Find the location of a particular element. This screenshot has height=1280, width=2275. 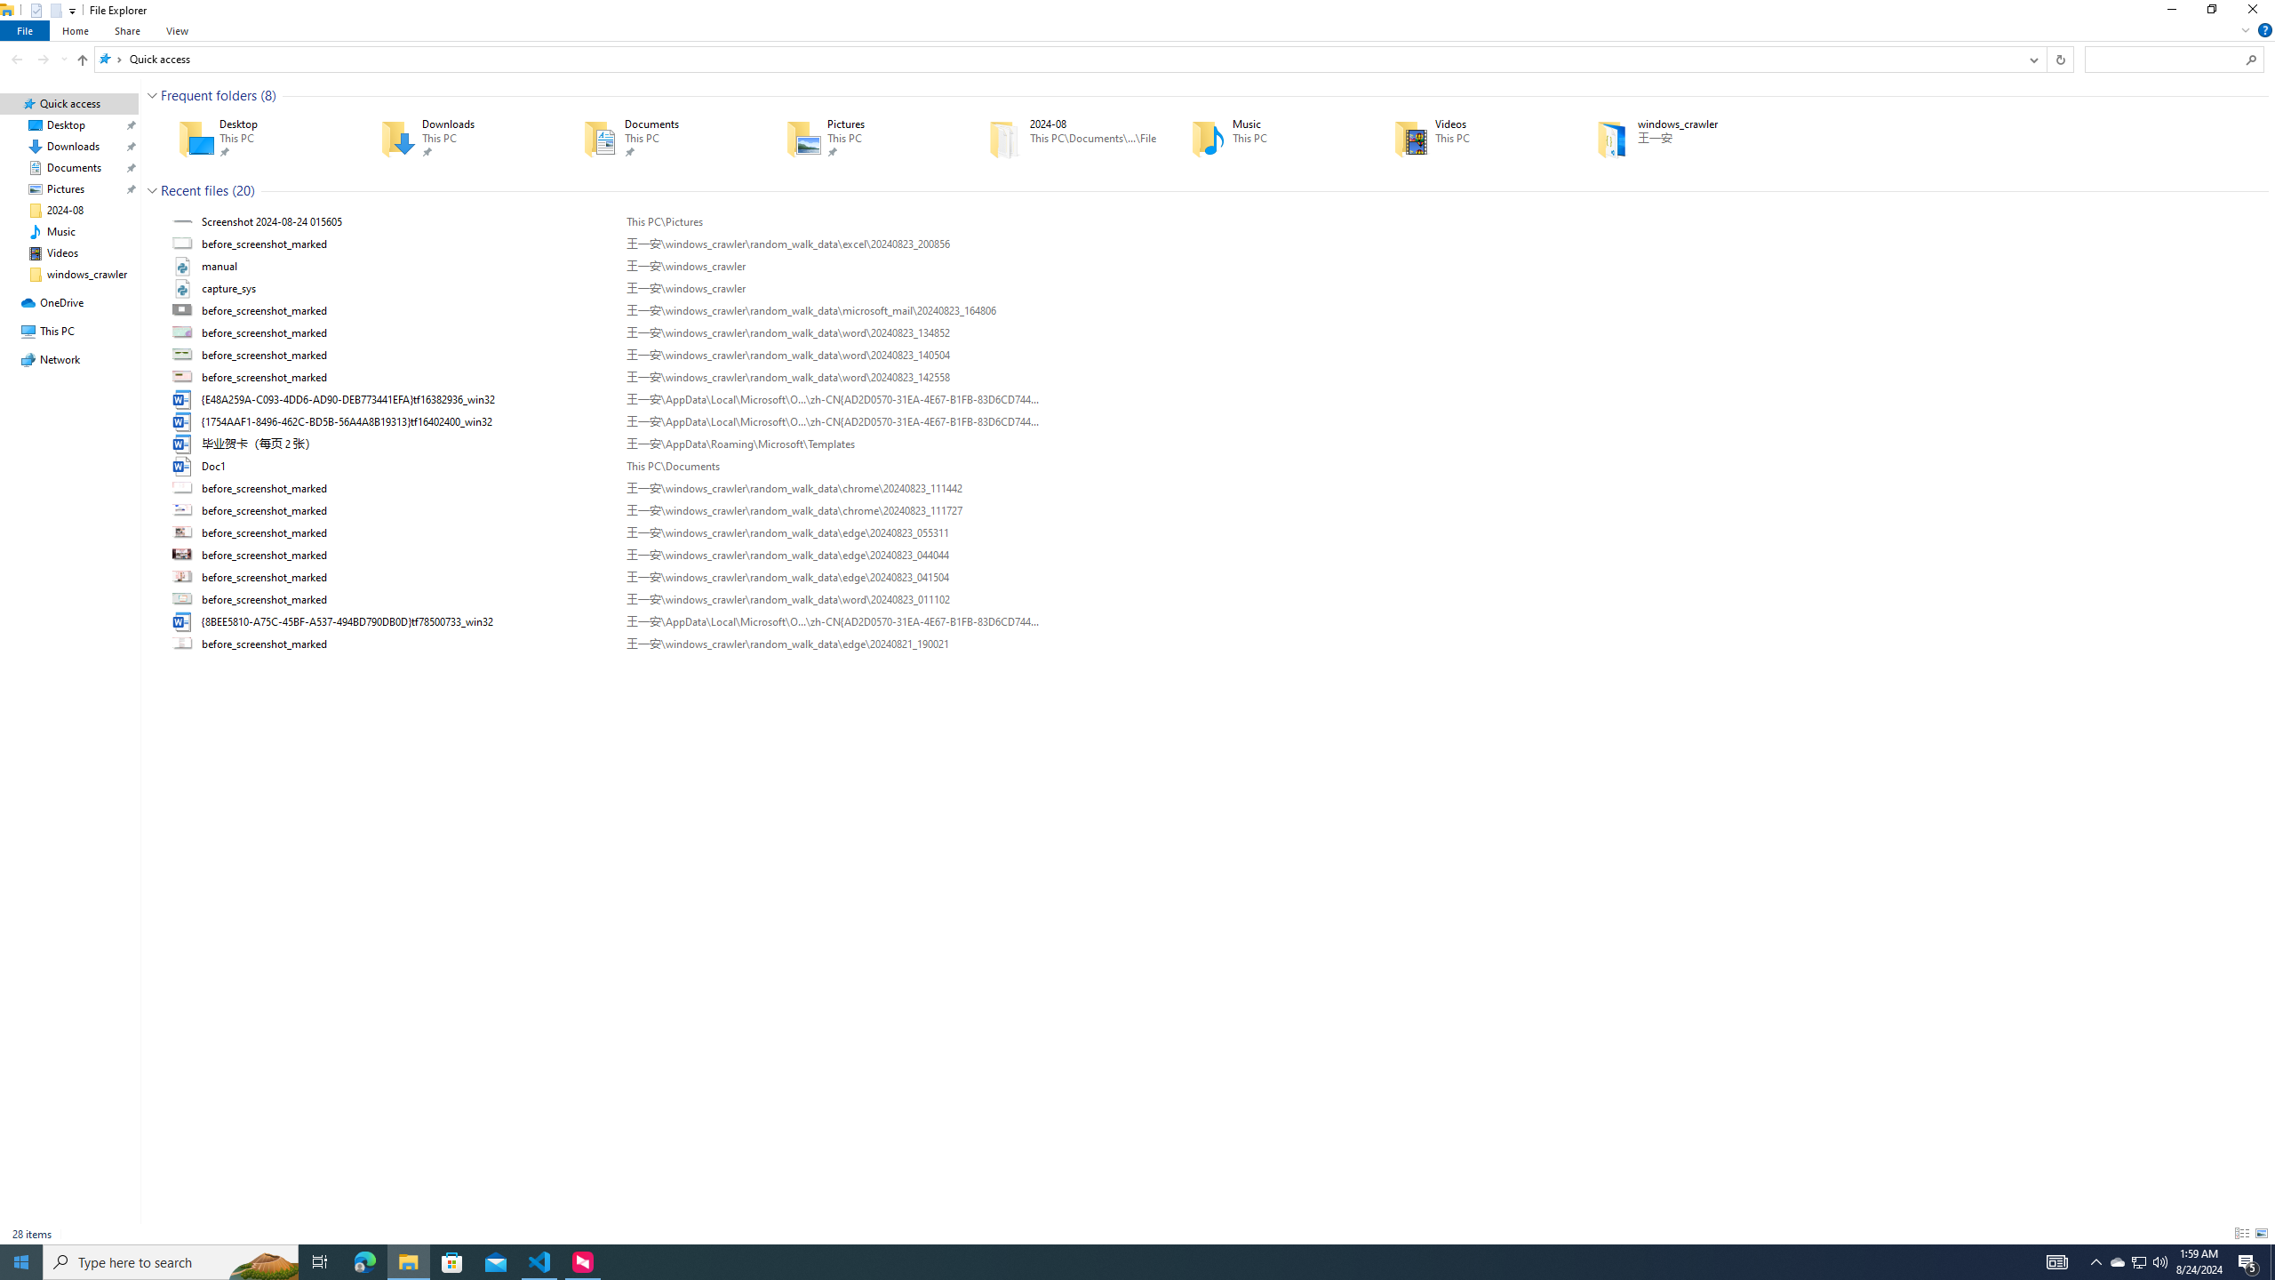

'windows_crawler' is located at coordinates (1671, 137).